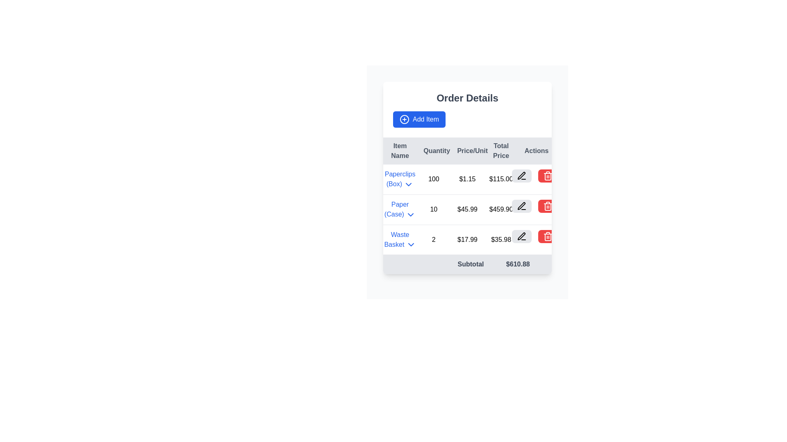 The height and width of the screenshot is (442, 787). I want to click on the second row in the table displaying information about 'Paper (Case)', so click(467, 209).